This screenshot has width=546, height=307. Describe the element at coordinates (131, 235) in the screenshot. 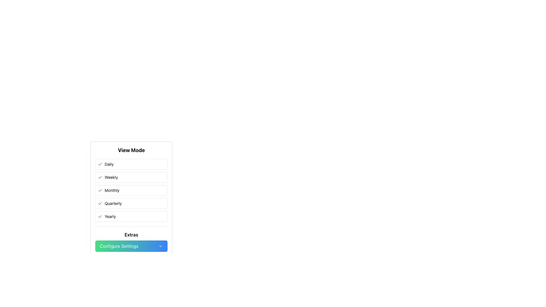

I see `the text label that reads 'Extras', which is styled with a medium-sized, bold font and is located above the 'Configure Settings' button` at that location.